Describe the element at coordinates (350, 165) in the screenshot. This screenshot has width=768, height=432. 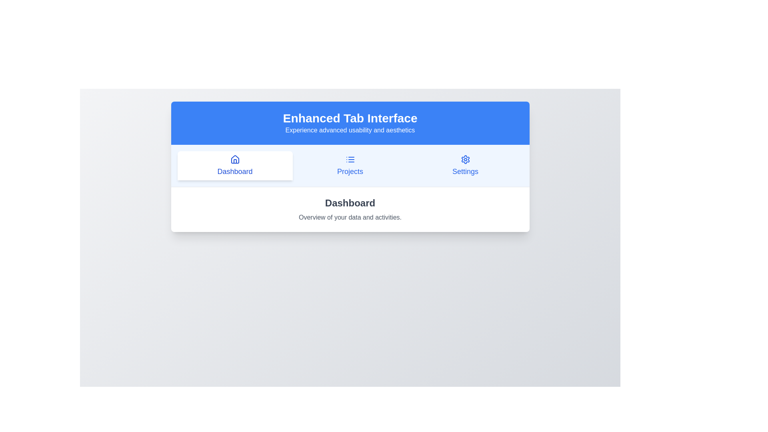
I see `the Projects tab` at that location.